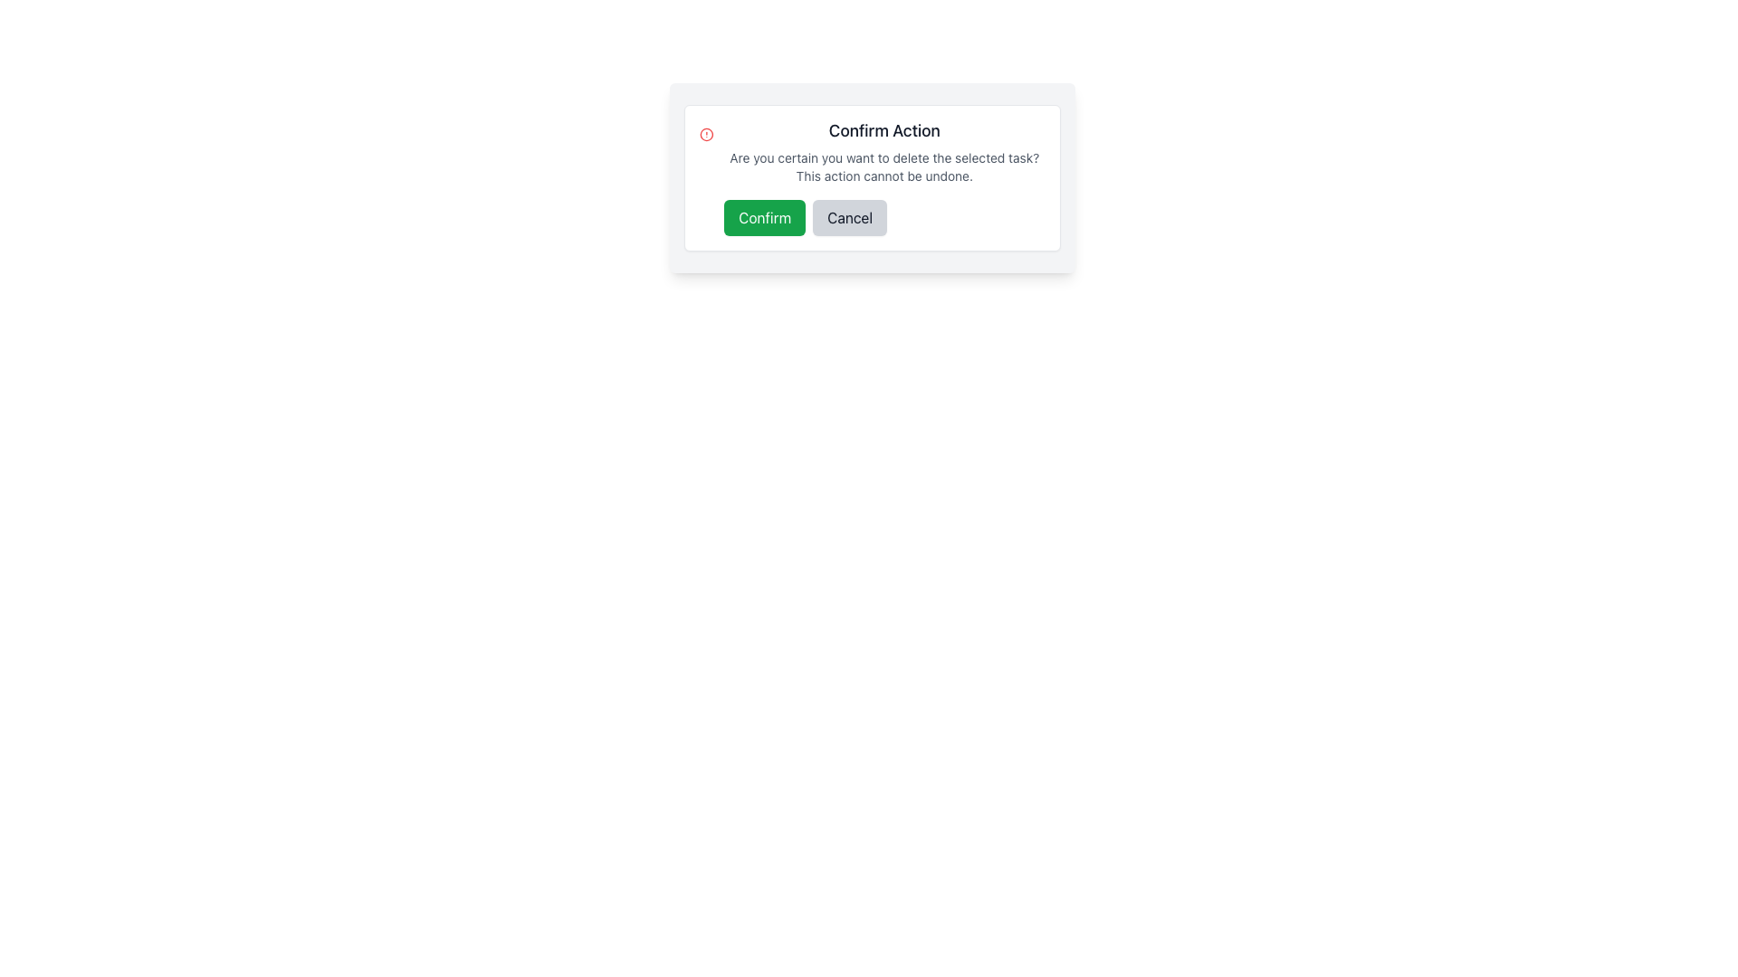  What do you see at coordinates (884, 216) in the screenshot?
I see `the 'Confirm' or 'Cancel' button in the button group within the dialog box` at bounding box center [884, 216].